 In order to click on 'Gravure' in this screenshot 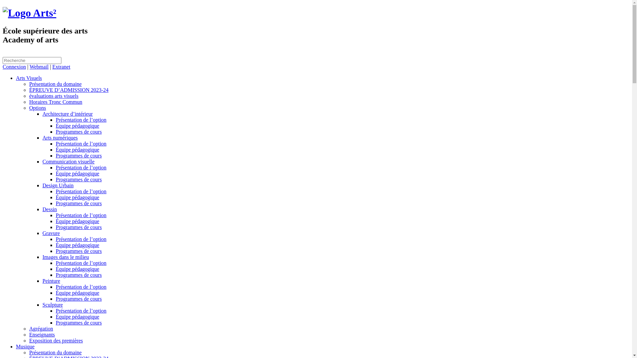, I will do `click(50, 233)`.